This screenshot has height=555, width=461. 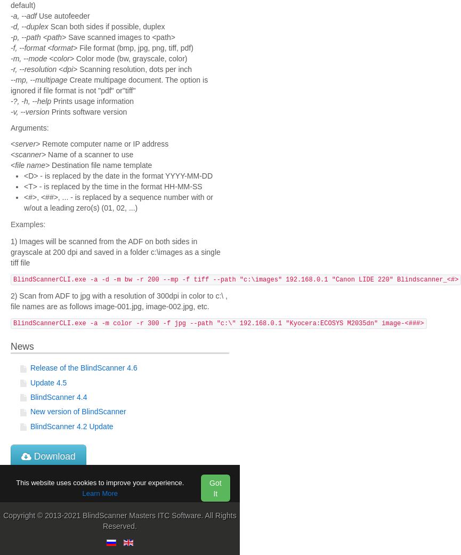 I want to click on '-p, --path <path>', so click(x=38, y=36).